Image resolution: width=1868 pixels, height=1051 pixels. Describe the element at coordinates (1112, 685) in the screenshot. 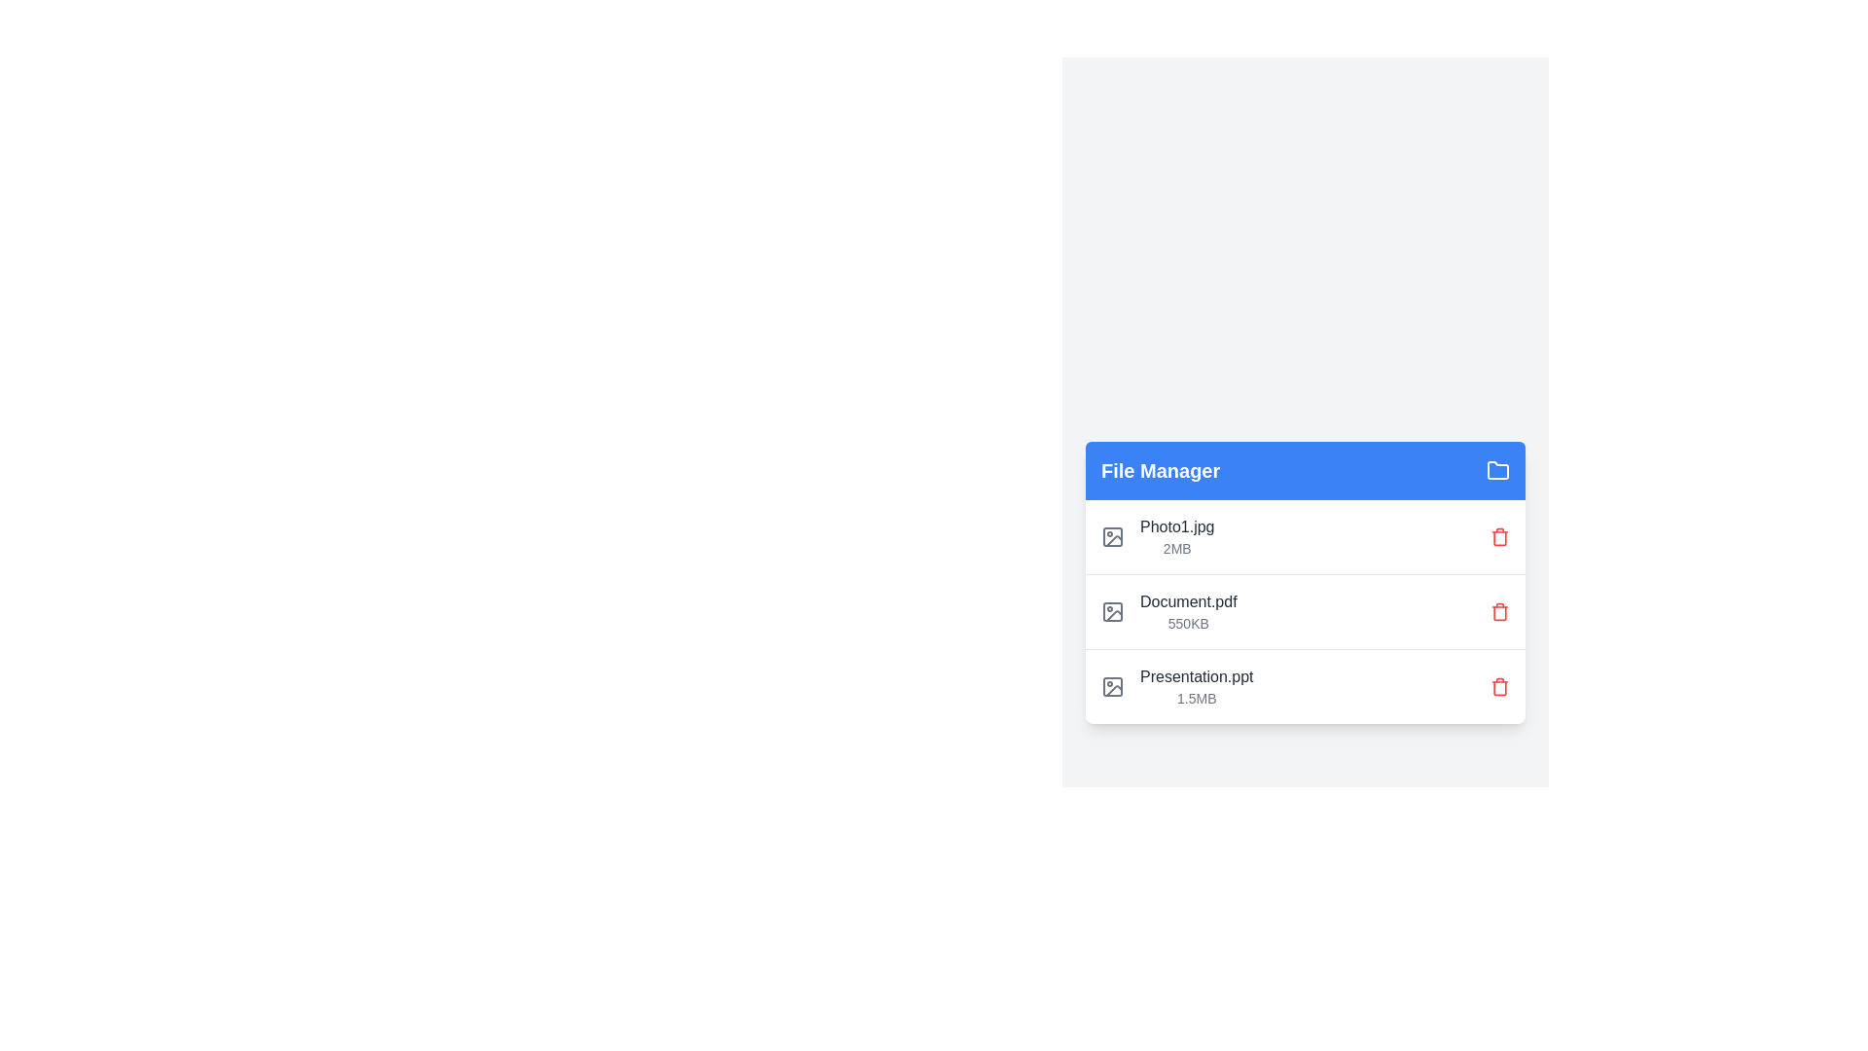

I see `the image or presentation file type icon located to the left of the text 'Presentation.ppt' in the file listing interface` at that location.